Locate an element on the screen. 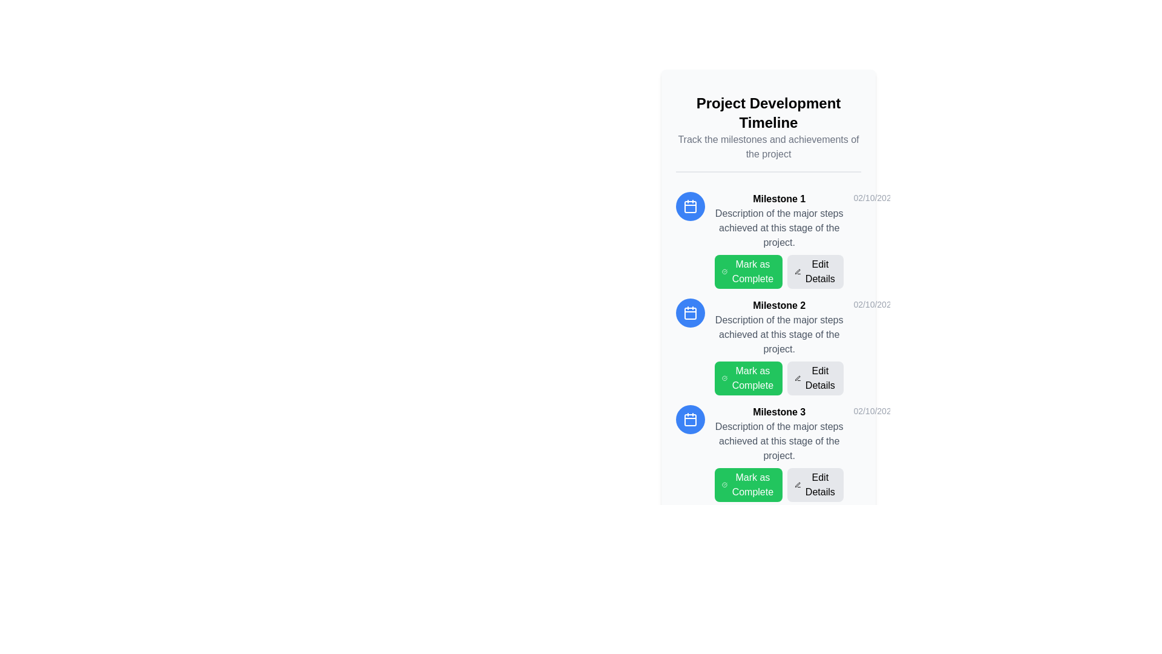 The image size is (1162, 654). the descriptive subtitle element located directly below the 'Project Development Timeline' title in the header section is located at coordinates (768, 147).